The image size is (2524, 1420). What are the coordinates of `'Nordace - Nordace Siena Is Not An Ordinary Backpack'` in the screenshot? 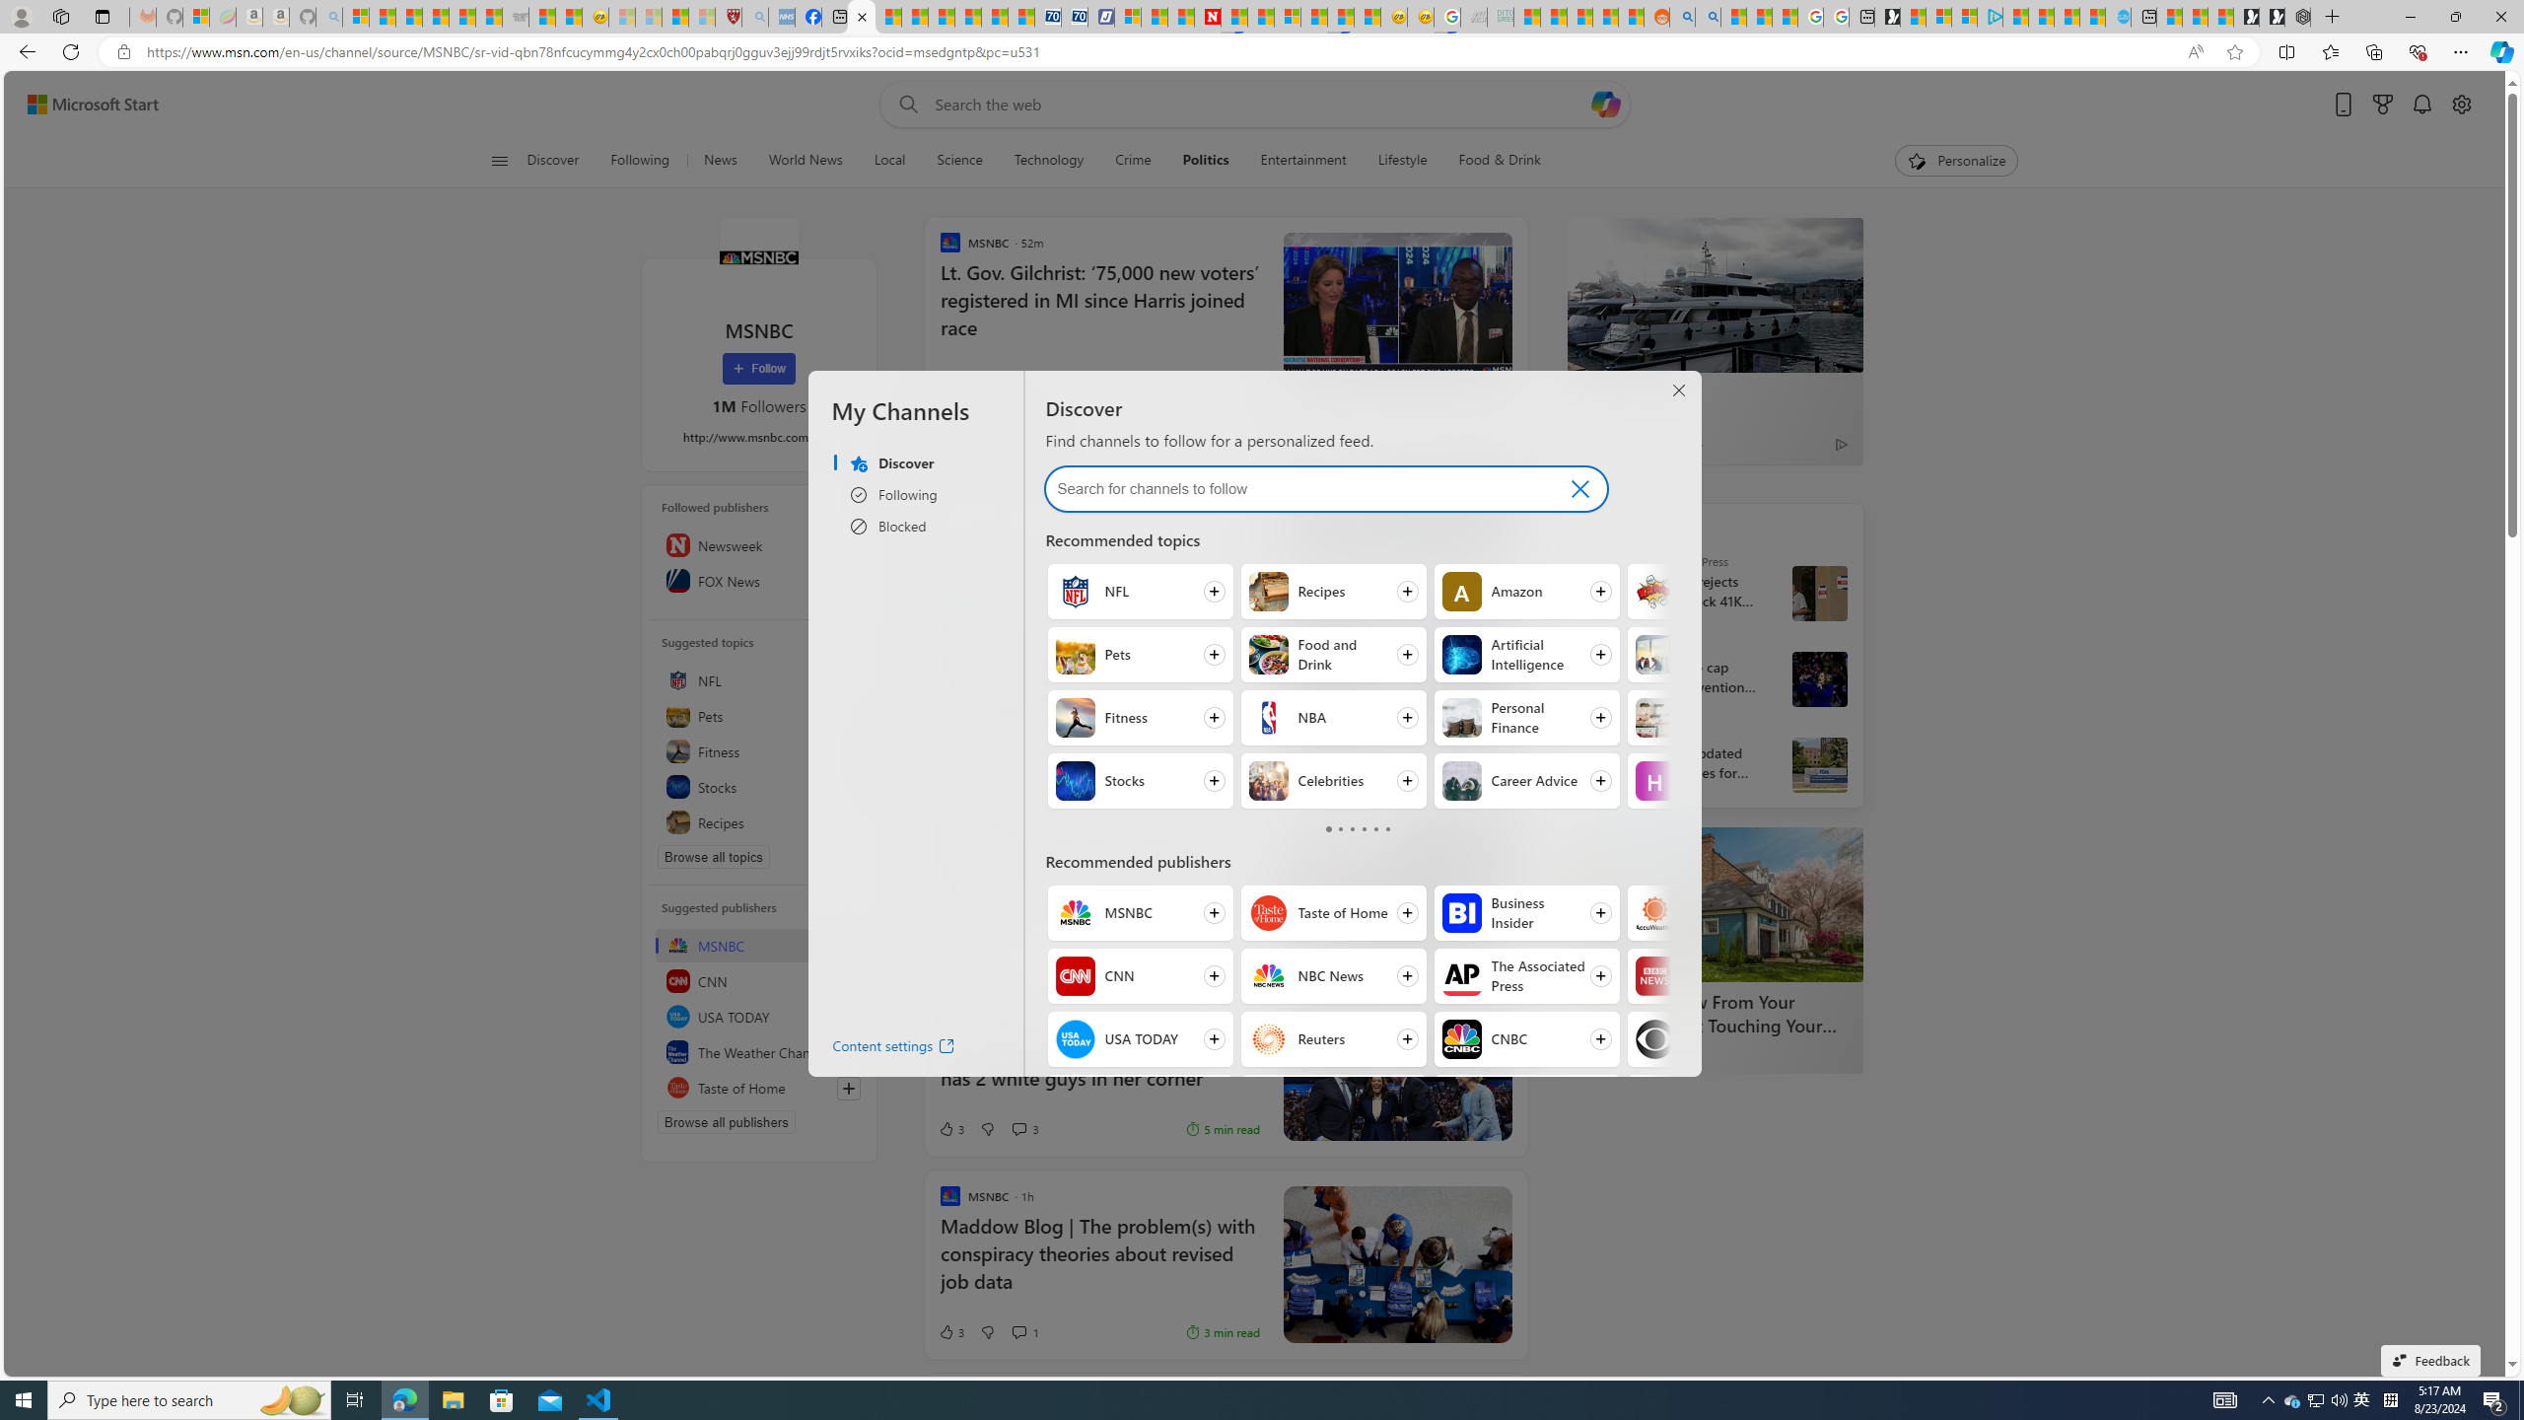 It's located at (2296, 16).